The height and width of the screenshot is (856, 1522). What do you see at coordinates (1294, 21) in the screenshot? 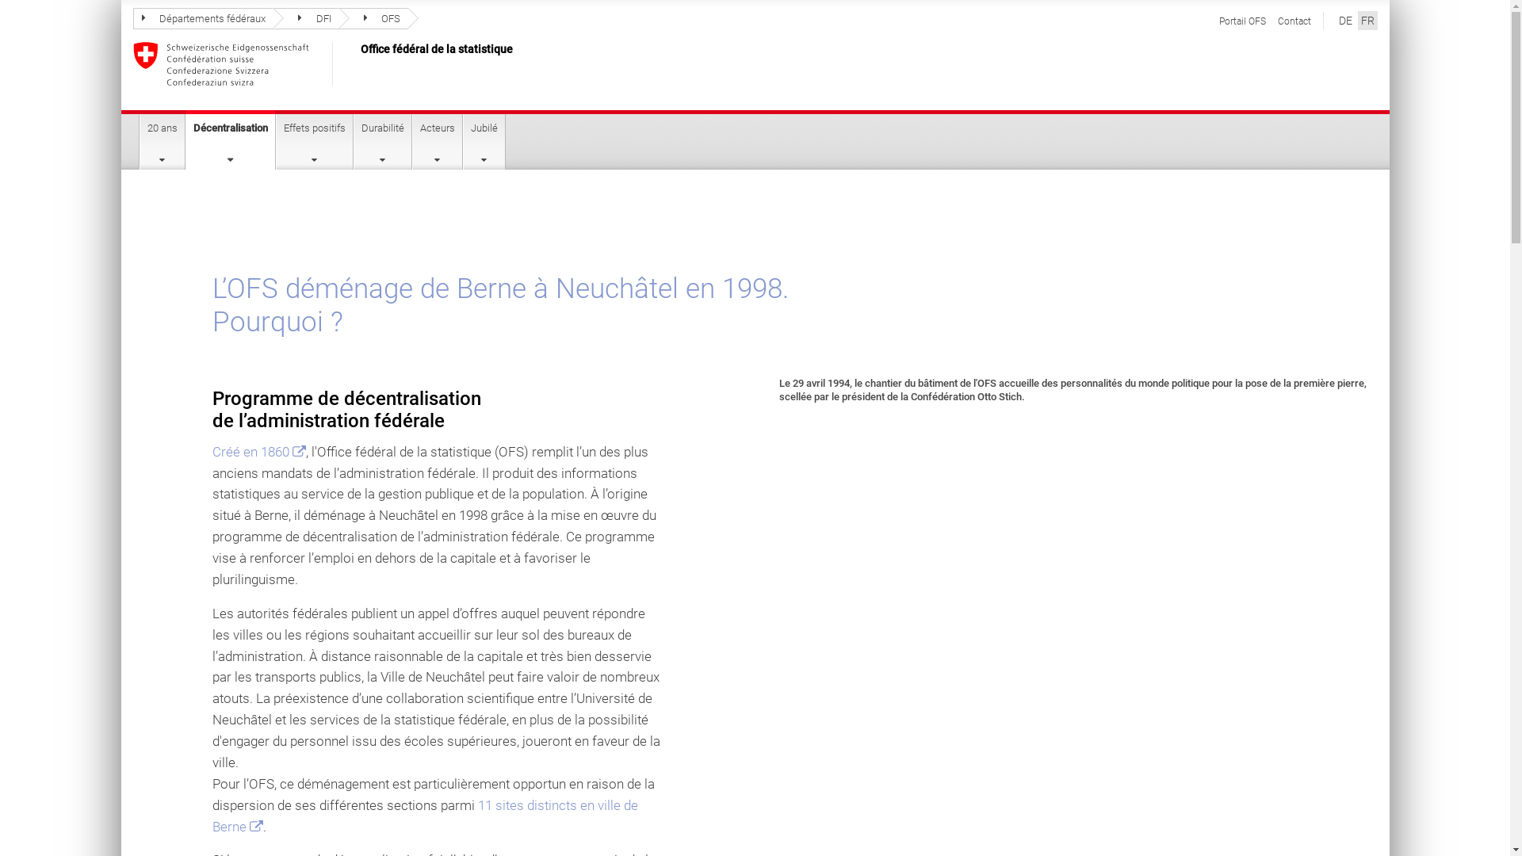
I see `'Contact'` at bounding box center [1294, 21].